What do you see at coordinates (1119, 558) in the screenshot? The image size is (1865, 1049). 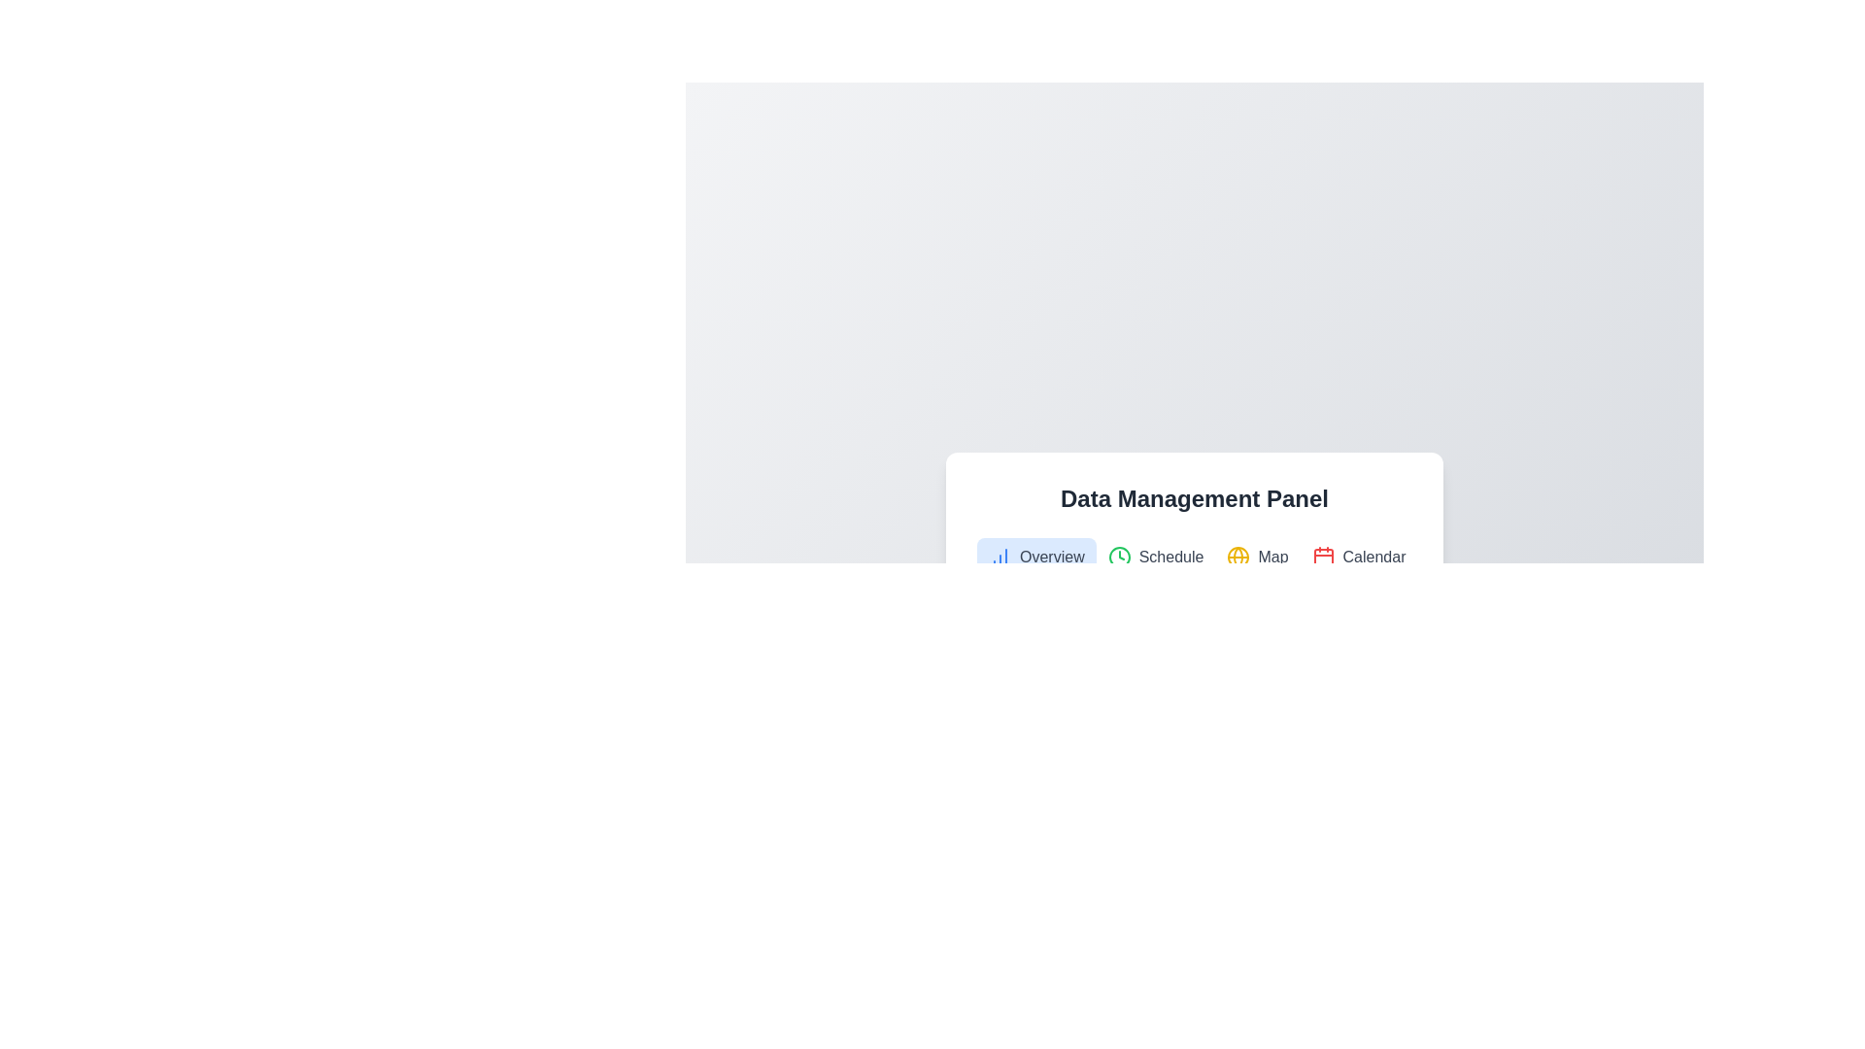 I see `the SVG circle element that visually represents the 'Schedule' feature in the navigation menu of the Data Management Panel` at bounding box center [1119, 558].